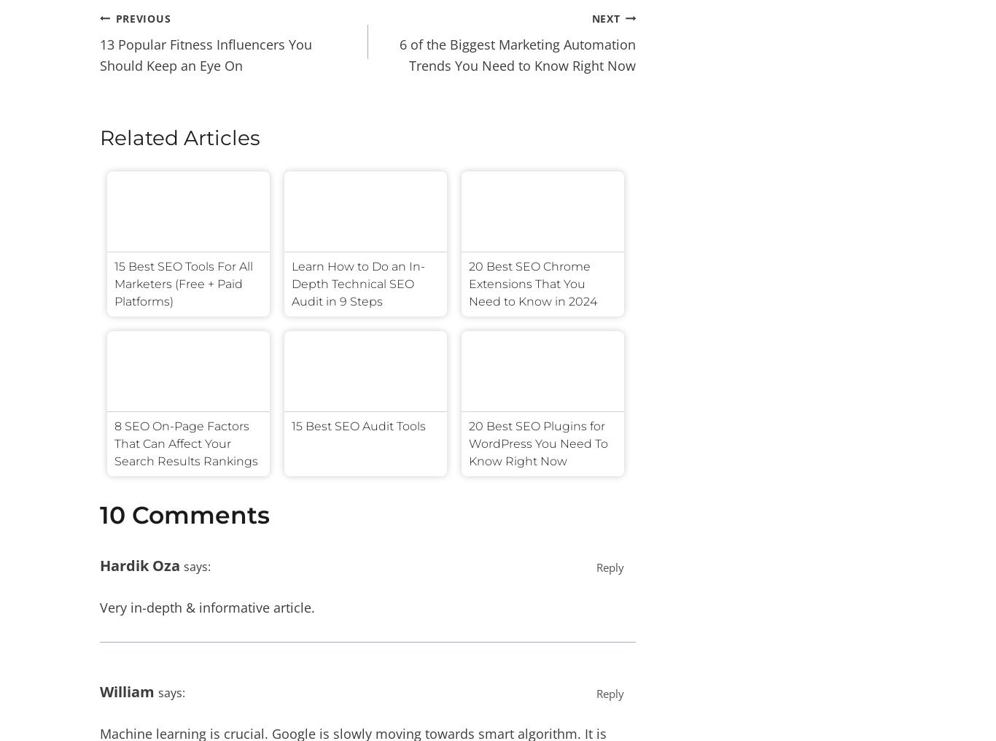  What do you see at coordinates (604, 17) in the screenshot?
I see `'Next'` at bounding box center [604, 17].